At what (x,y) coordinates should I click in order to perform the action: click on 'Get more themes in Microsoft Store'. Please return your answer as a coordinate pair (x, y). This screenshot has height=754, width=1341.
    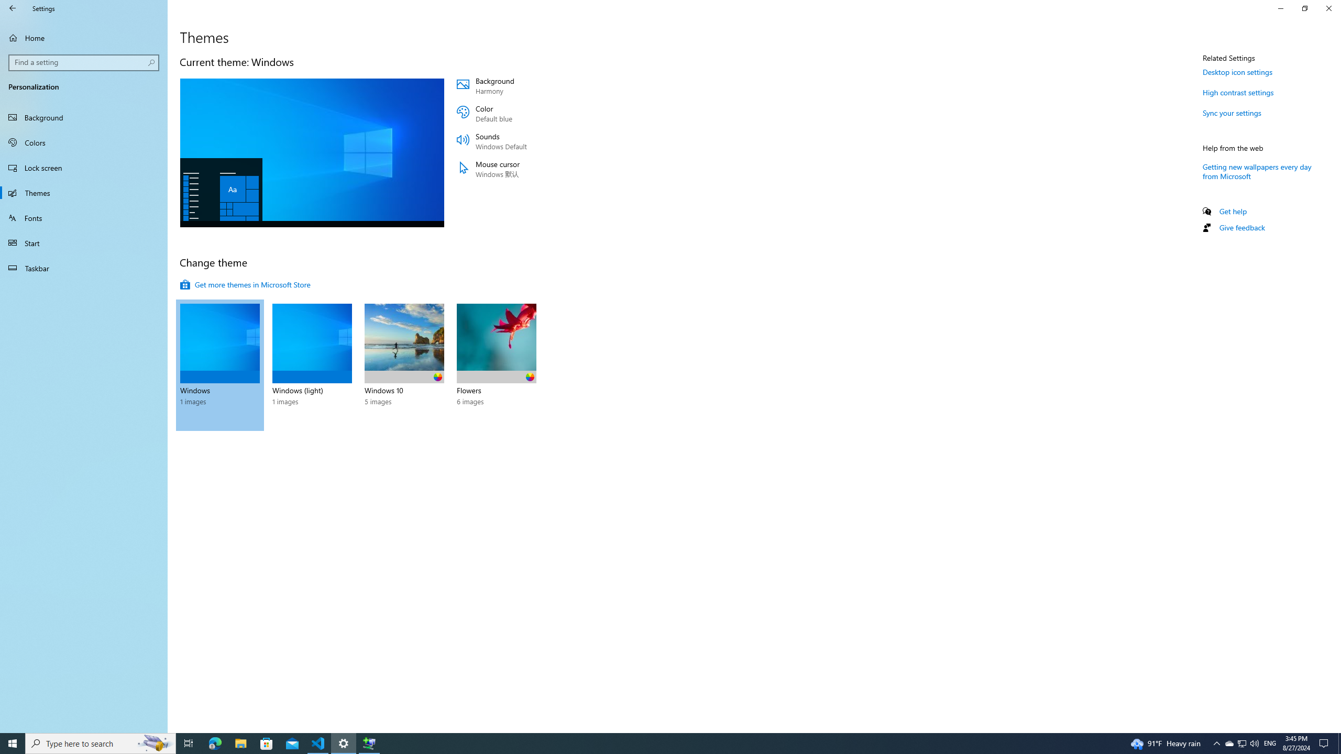
    Looking at the image, I should click on (245, 284).